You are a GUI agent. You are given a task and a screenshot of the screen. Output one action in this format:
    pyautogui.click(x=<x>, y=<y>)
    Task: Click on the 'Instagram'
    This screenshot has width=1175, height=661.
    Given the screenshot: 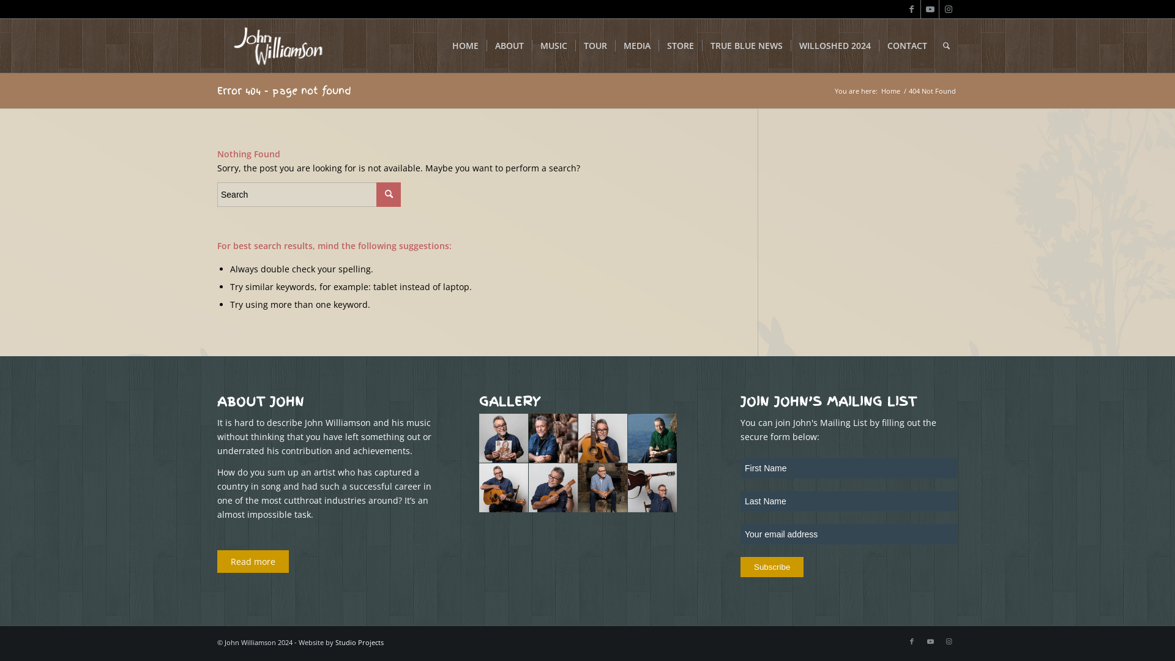 What is the action you would take?
    pyautogui.click(x=939, y=641)
    